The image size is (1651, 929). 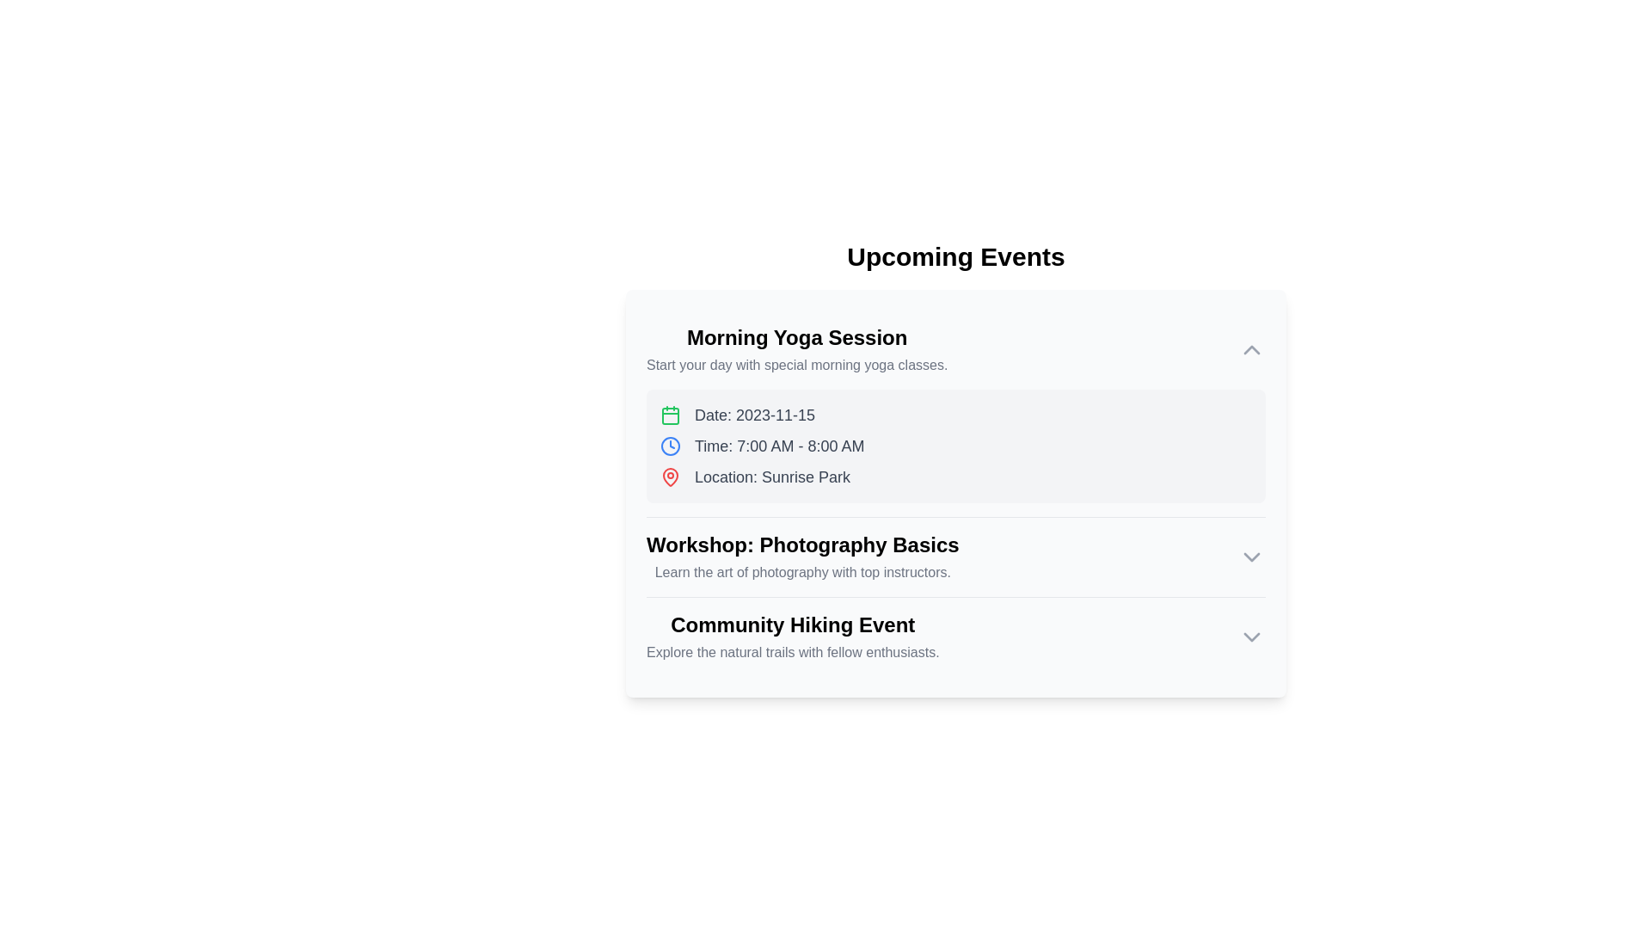 I want to click on the chevron icon located on the right side of the 'Workshop: Photography Basics' section, so click(x=1251, y=557).